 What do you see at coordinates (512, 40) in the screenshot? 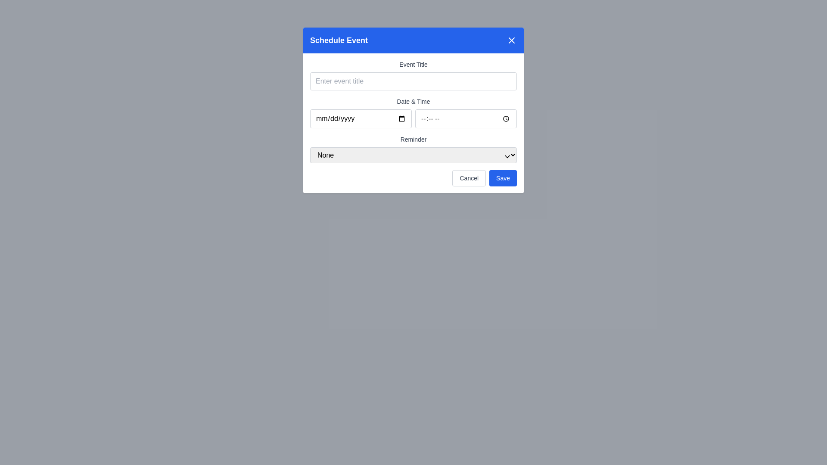
I see `the close button with a white 'X' icon located in the top-right corner of the modal's header` at bounding box center [512, 40].